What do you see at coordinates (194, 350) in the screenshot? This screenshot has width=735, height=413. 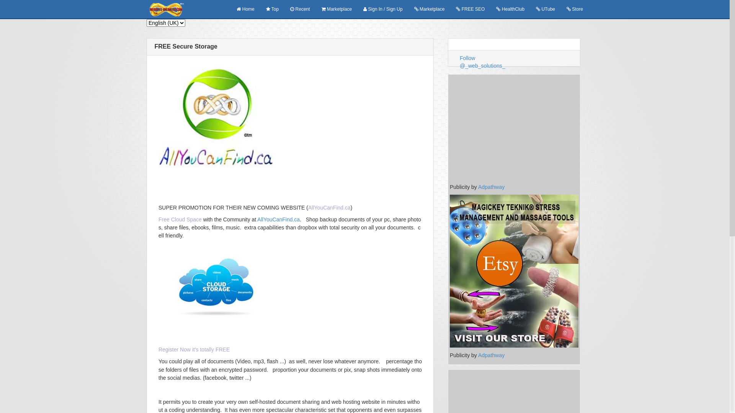 I see `'Register Now it's totally FREE'` at bounding box center [194, 350].